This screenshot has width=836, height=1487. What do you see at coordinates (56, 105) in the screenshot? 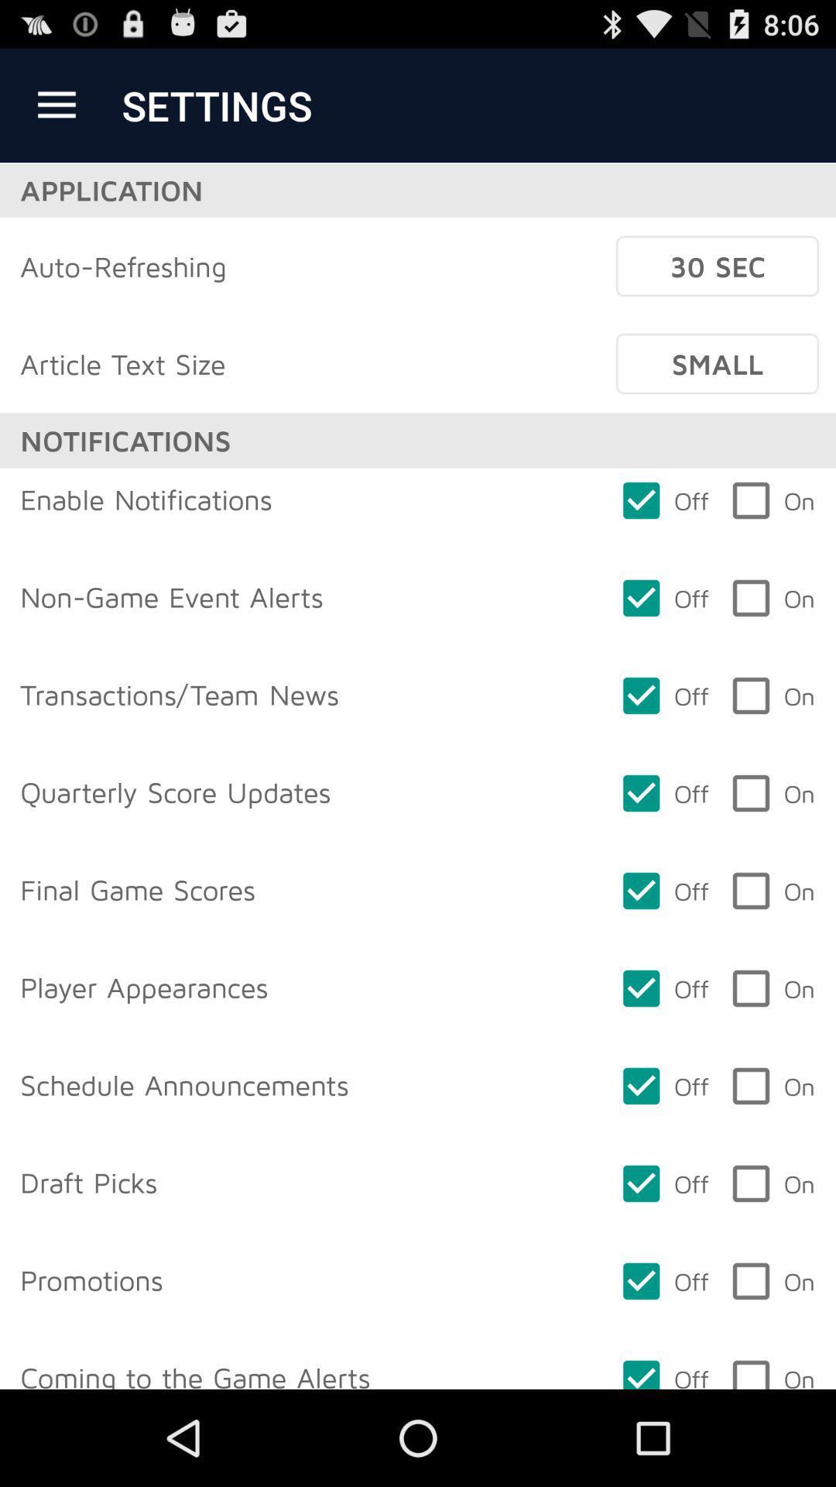
I see `the icon above application icon` at bounding box center [56, 105].